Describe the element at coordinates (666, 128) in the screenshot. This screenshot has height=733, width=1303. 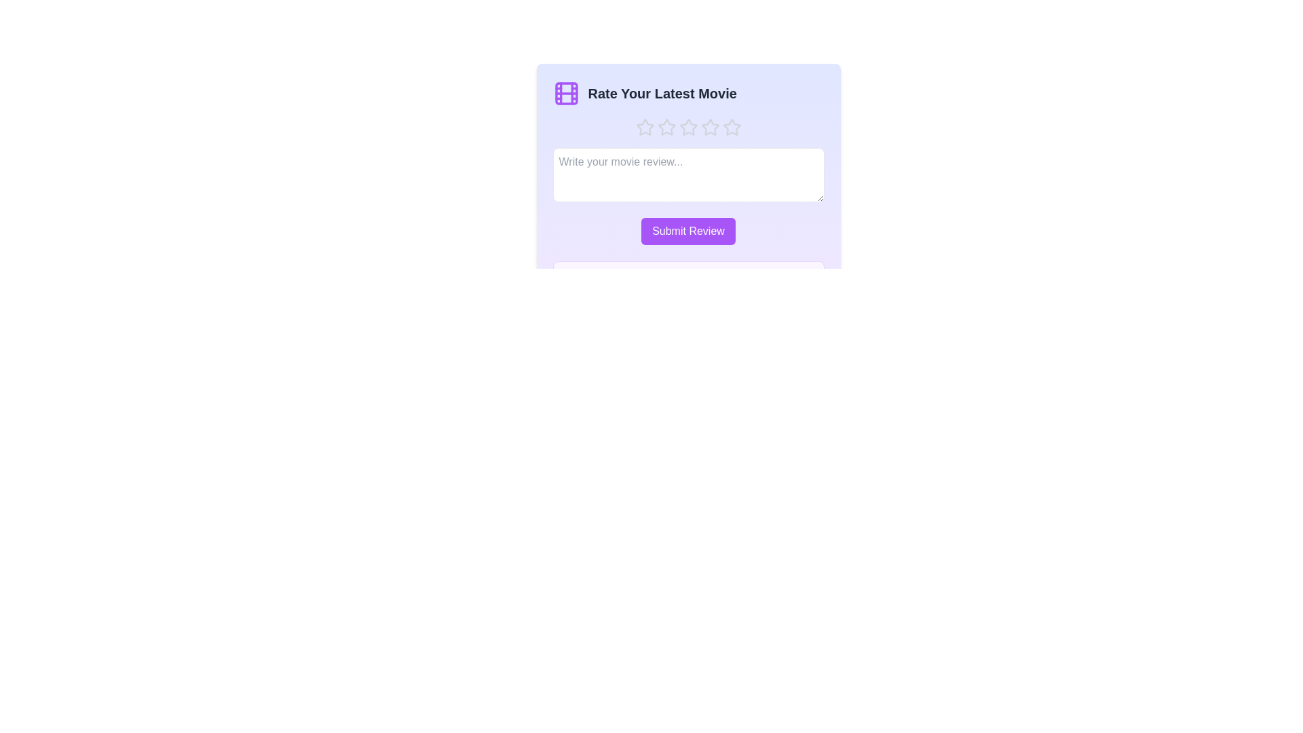
I see `the movie rating to 2 stars by clicking on the corresponding star` at that location.